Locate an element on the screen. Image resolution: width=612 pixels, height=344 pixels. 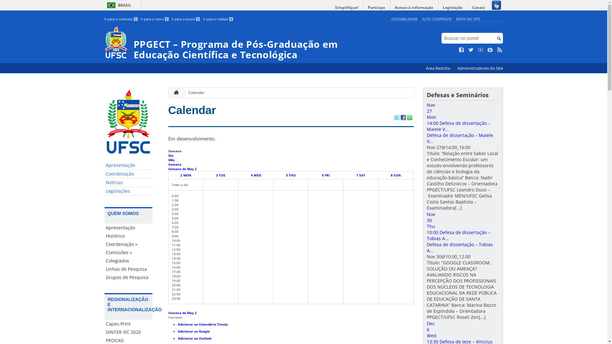
'Colegiados' is located at coordinates (128, 261).